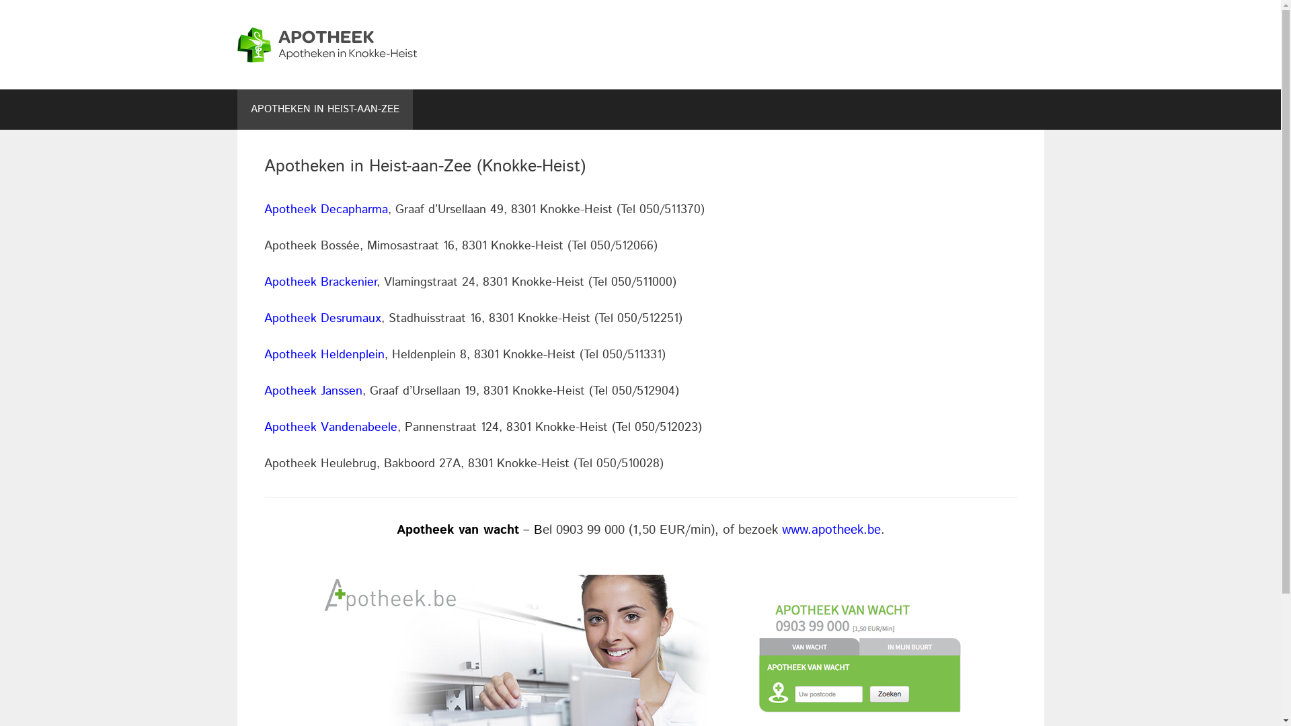 This screenshot has height=726, width=1291. I want to click on 'Apotheek Desrumaux', so click(321, 319).